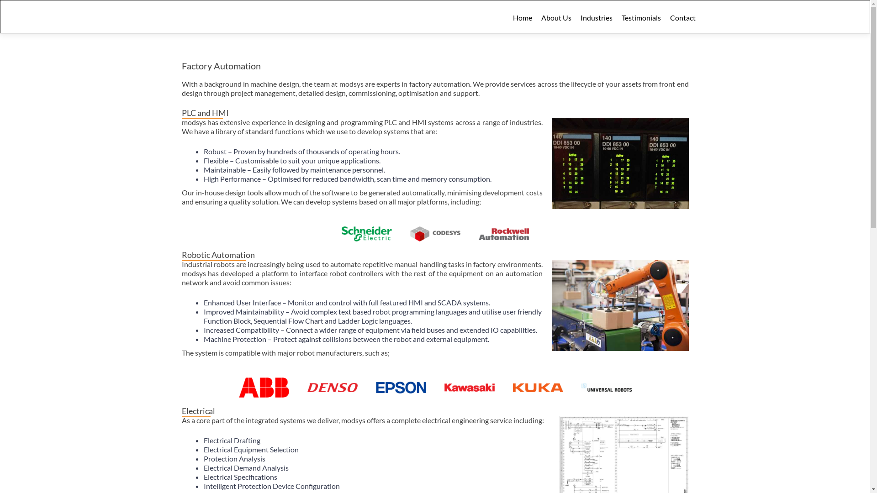 Image resolution: width=877 pixels, height=493 pixels. Describe the element at coordinates (596, 17) in the screenshot. I see `'Industries'` at that location.